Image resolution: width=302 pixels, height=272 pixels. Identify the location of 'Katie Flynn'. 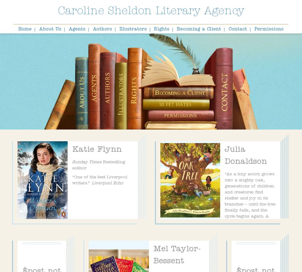
(97, 150).